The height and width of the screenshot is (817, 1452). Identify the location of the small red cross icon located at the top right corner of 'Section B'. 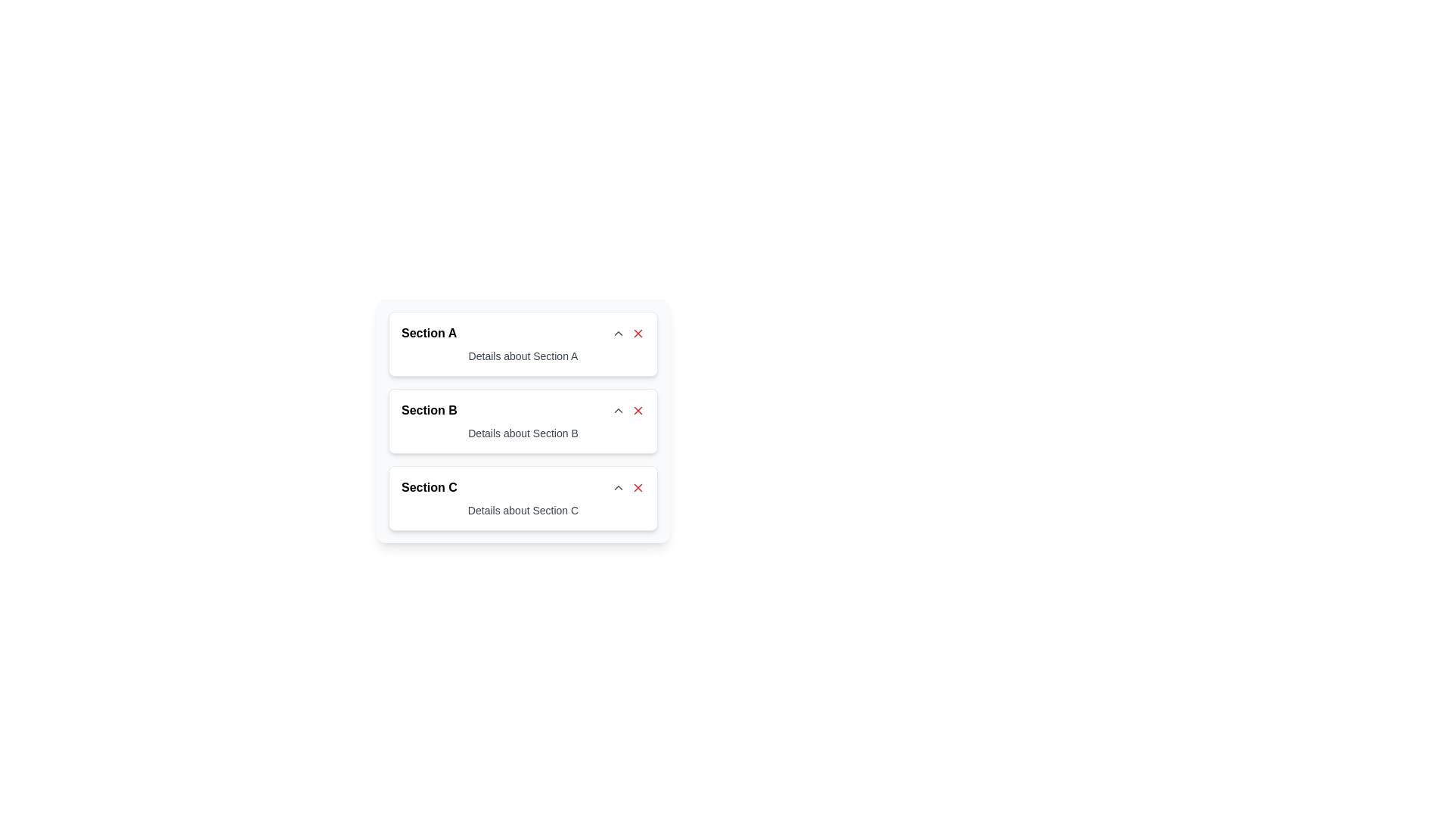
(638, 411).